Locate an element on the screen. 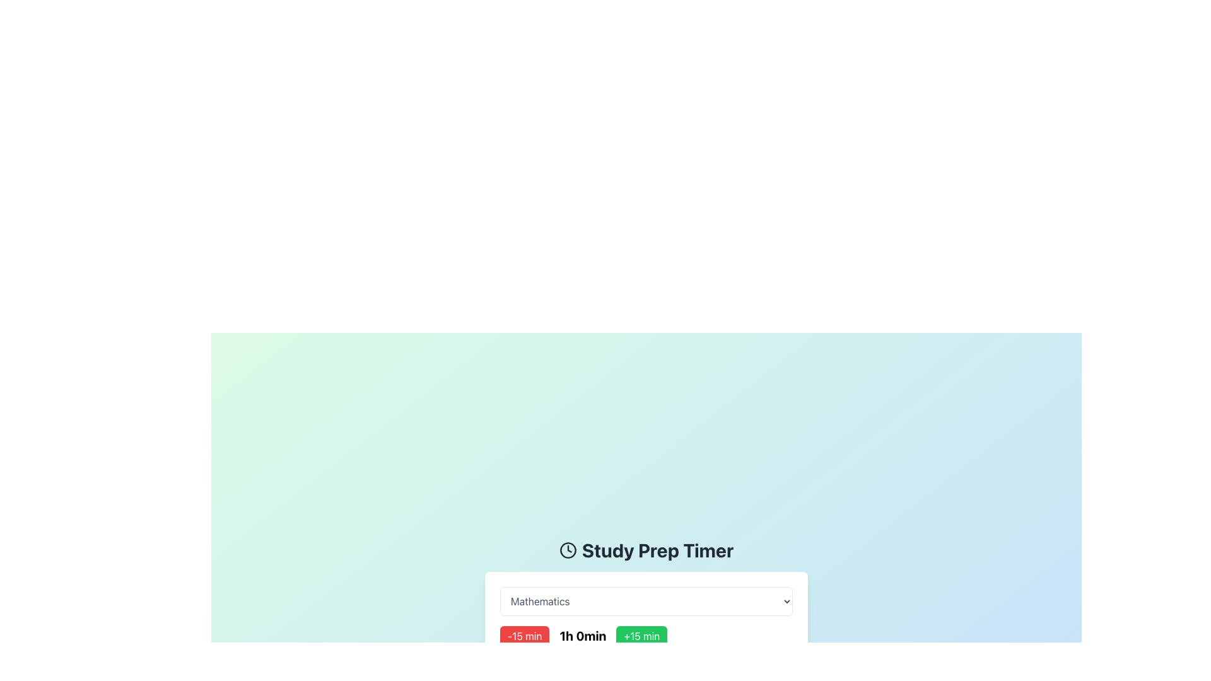  the Dropdown menu labeled 'Mathematics', which has a white background and a downward-pointing arrow is located at coordinates (646, 600).